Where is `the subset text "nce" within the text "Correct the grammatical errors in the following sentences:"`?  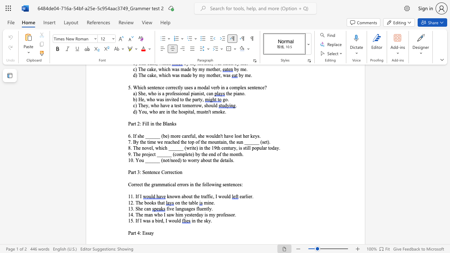
the subset text "nce" within the text "Correct the grammatical errors in the following sentences:" is located at coordinates (232, 184).